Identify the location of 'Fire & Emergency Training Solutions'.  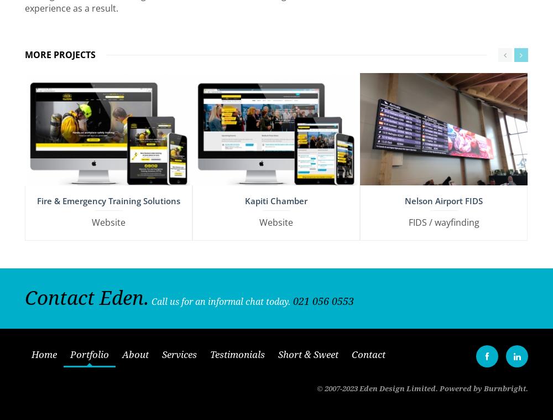
(108, 195).